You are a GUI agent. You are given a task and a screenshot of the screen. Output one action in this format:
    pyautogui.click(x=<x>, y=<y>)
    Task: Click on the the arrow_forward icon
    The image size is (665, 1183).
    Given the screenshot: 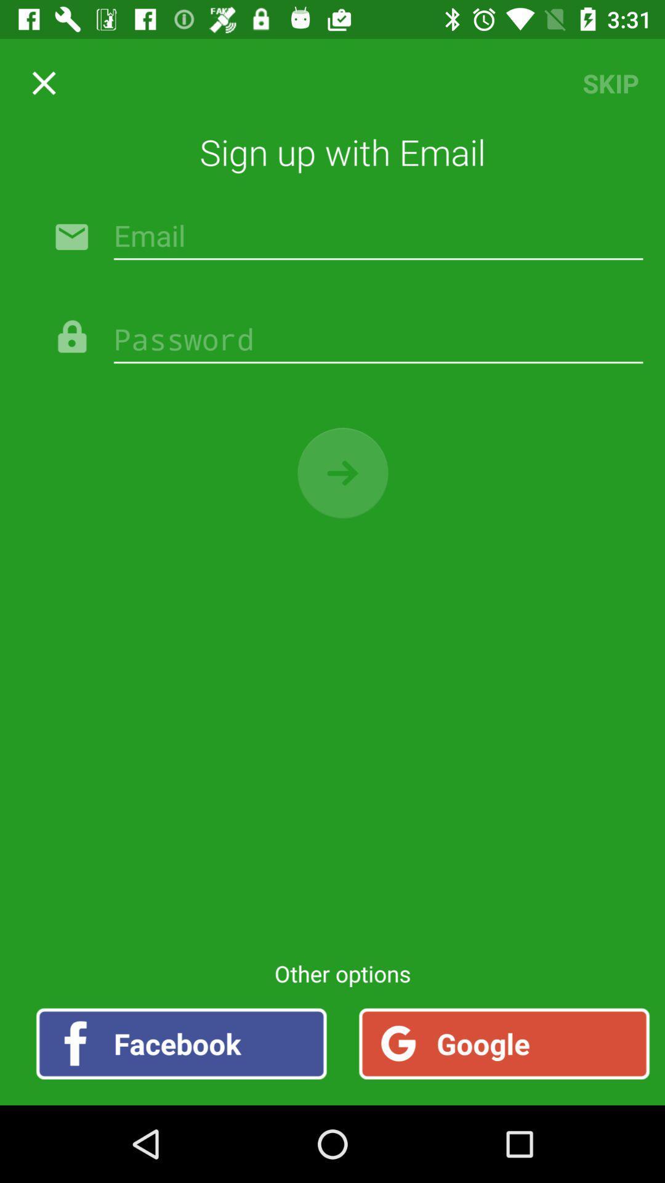 What is the action you would take?
    pyautogui.click(x=332, y=473)
    